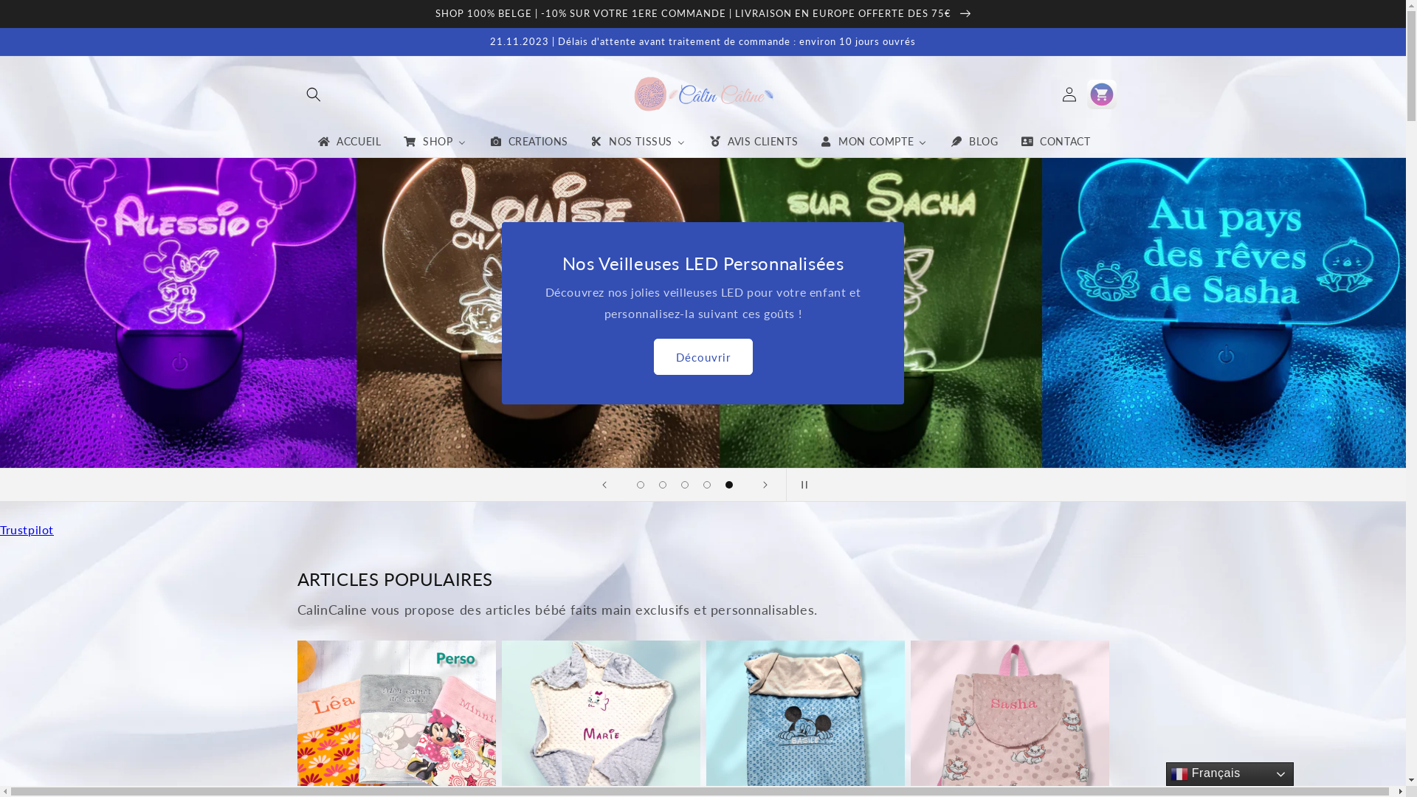 This screenshot has width=1417, height=797. Describe the element at coordinates (752, 142) in the screenshot. I see `'AVIS CLIENTS'` at that location.